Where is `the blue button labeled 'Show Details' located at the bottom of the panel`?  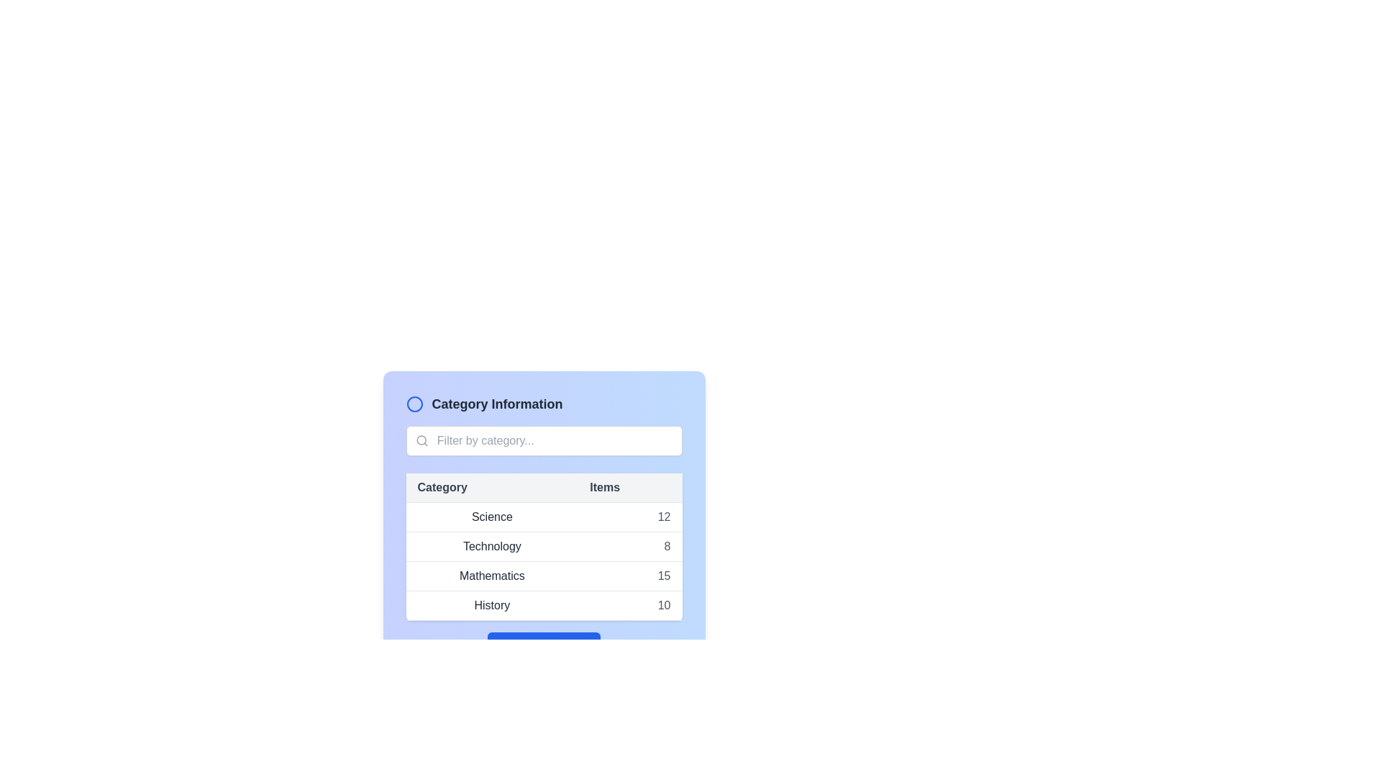
the blue button labeled 'Show Details' located at the bottom of the panel is located at coordinates (543, 645).